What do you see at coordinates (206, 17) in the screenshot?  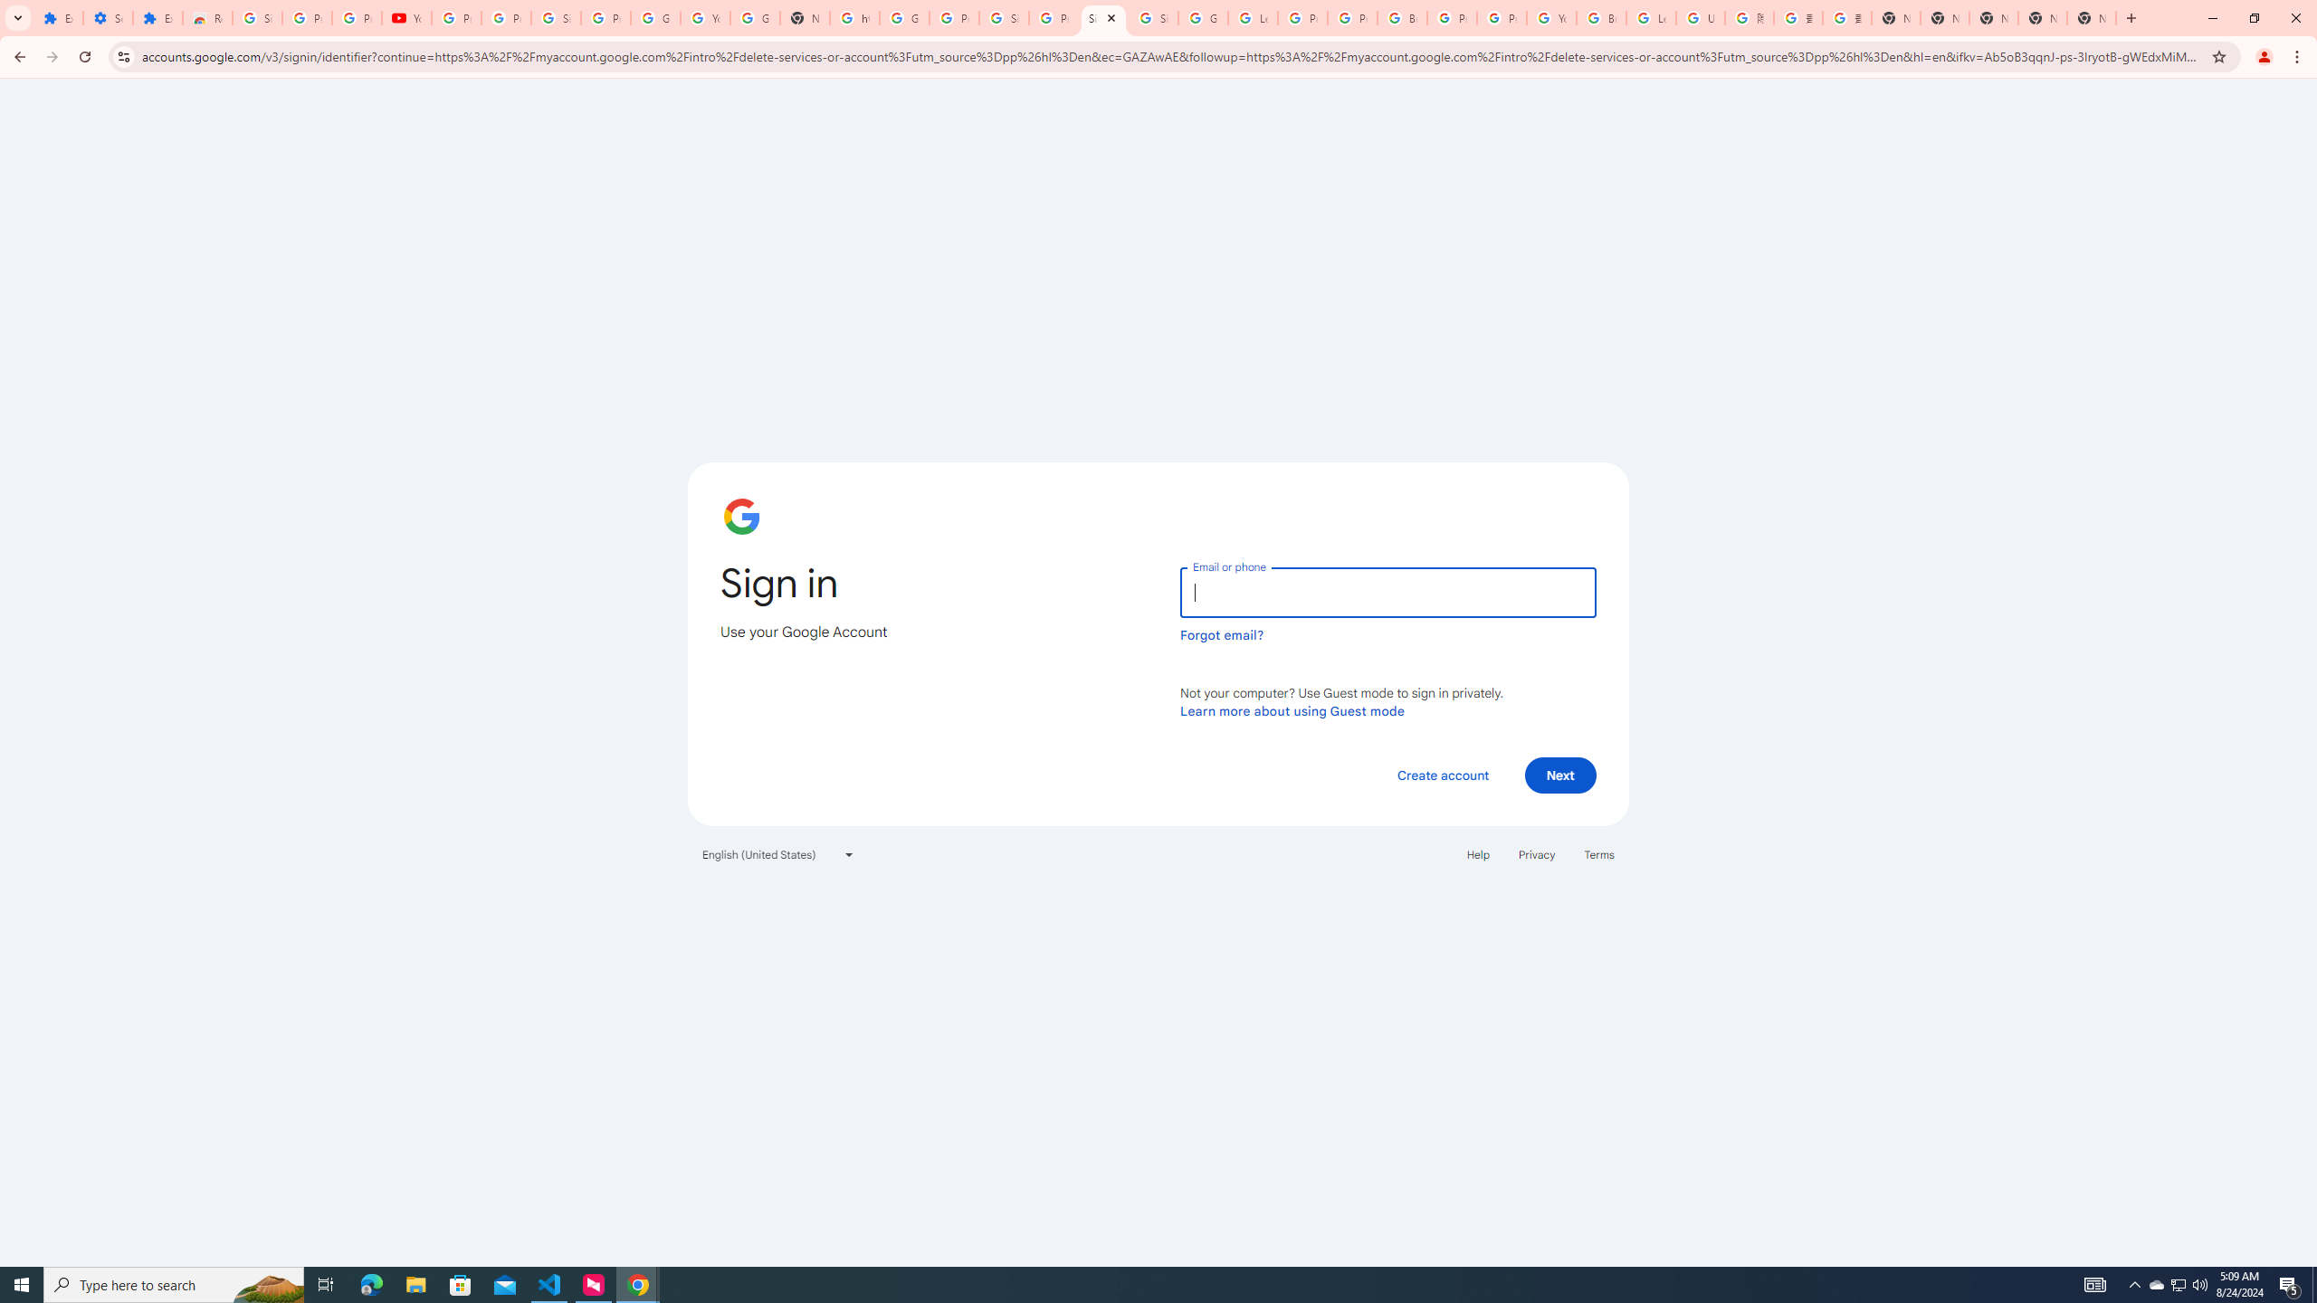 I see `'Reviews: Helix Fruit Jump Arcade Game'` at bounding box center [206, 17].